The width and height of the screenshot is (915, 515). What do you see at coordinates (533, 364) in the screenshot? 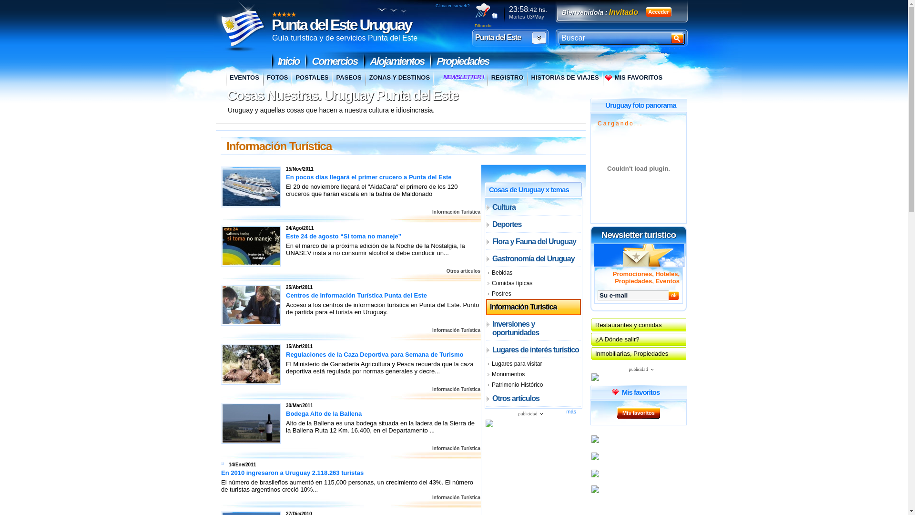
I see `'Lugares para visitar'` at bounding box center [533, 364].